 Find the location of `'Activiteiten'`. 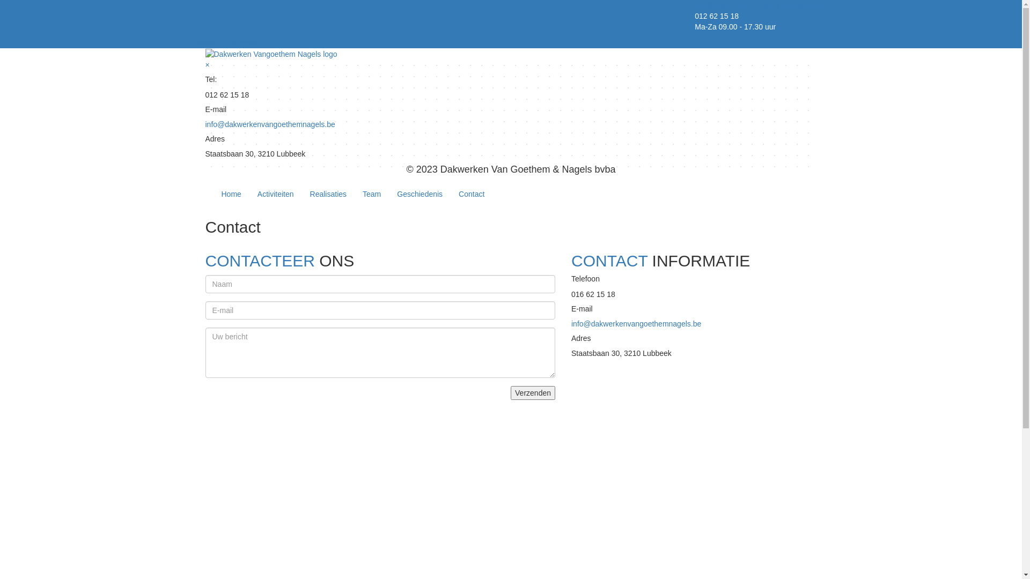

'Activiteiten' is located at coordinates (249, 194).